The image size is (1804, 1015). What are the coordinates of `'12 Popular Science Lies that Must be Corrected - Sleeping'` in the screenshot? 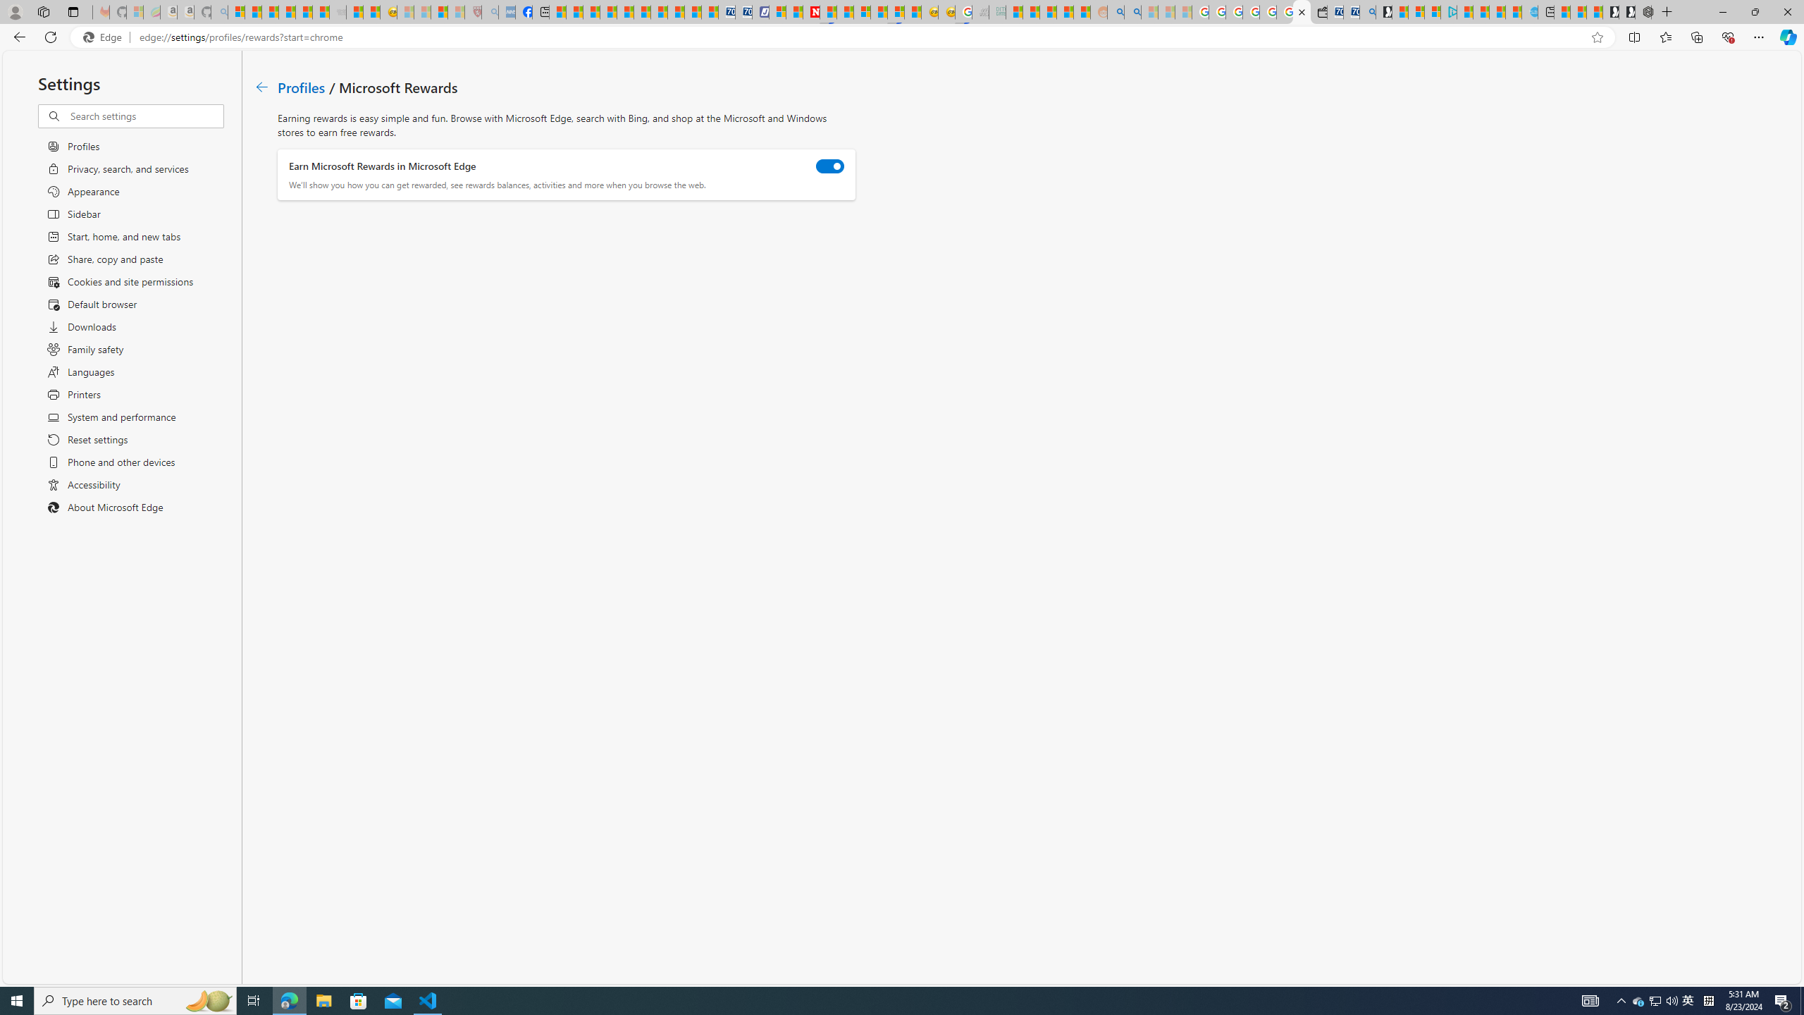 It's located at (456, 11).